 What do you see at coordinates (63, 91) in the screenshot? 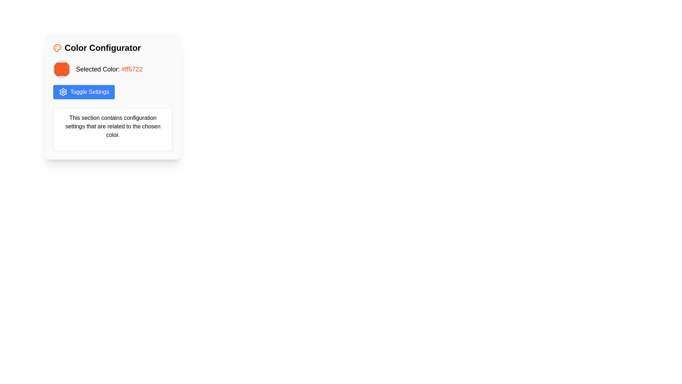
I see `the settings toggle icon located centrally within the 'Toggle Settings' button area` at bounding box center [63, 91].